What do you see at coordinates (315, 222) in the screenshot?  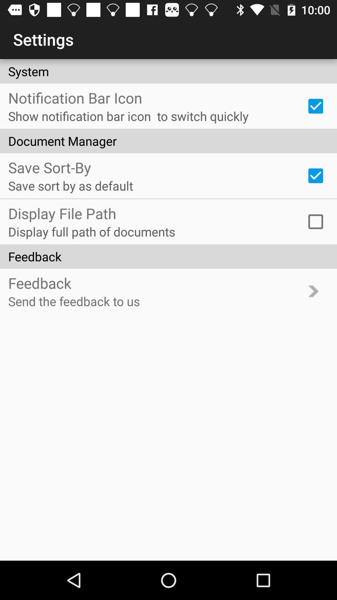 I see `item above feedback` at bounding box center [315, 222].